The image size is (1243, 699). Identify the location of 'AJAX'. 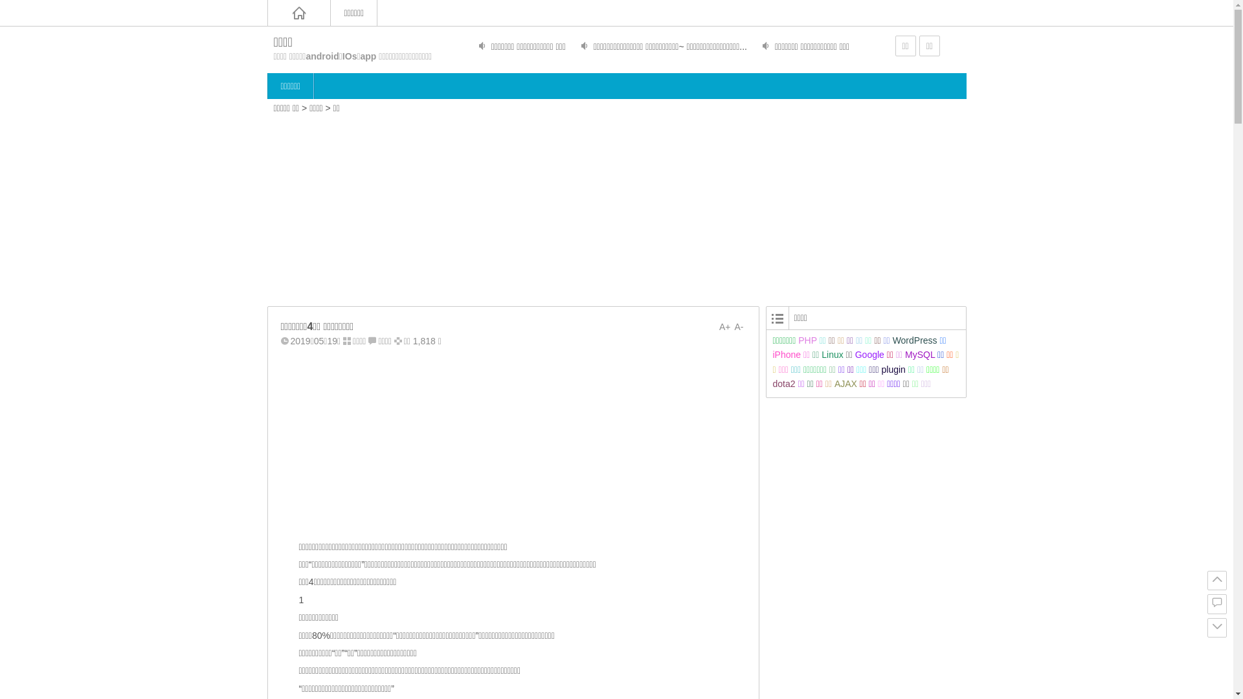
(845, 383).